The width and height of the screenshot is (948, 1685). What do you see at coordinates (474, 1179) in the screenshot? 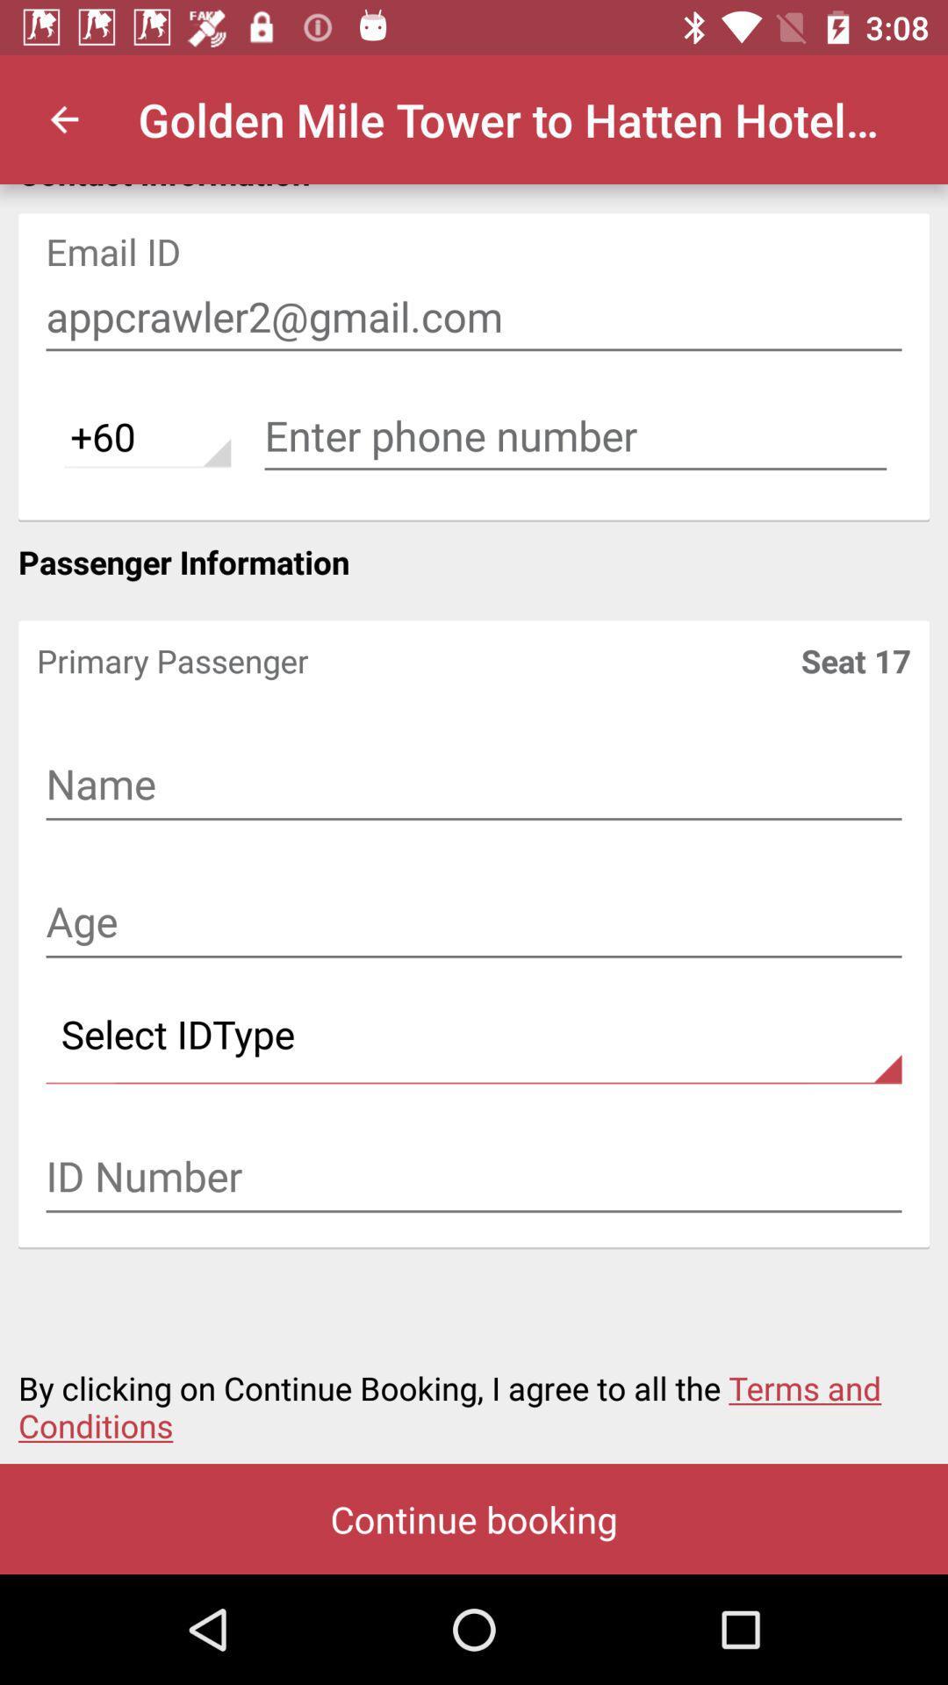
I see `id number field` at bounding box center [474, 1179].